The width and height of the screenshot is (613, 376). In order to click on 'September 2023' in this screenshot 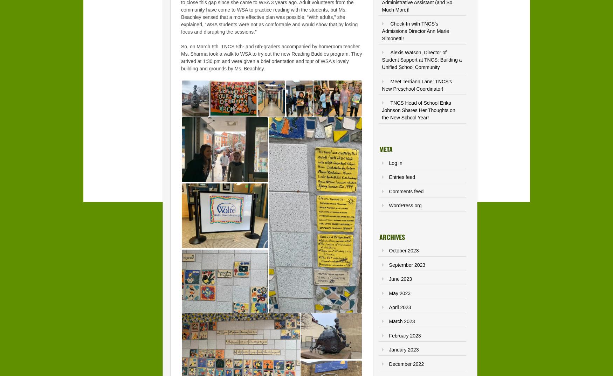, I will do `click(407, 264)`.